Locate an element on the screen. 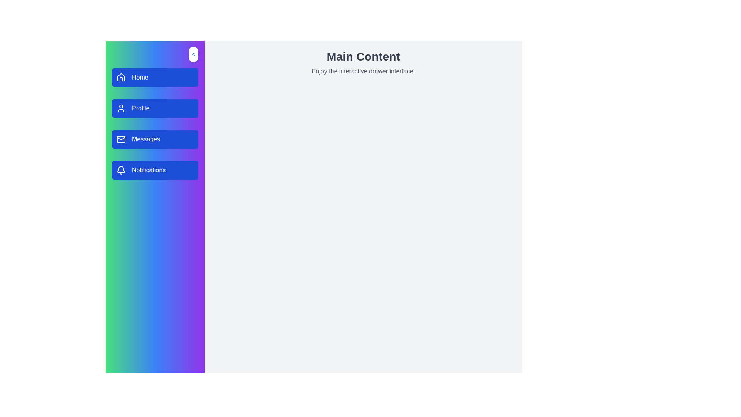 This screenshot has height=417, width=741. the button shaped as a rounded rectangle with a white background and blue text '<' located at the top-right corner of the sidebar for additional feedback is located at coordinates (193, 54).